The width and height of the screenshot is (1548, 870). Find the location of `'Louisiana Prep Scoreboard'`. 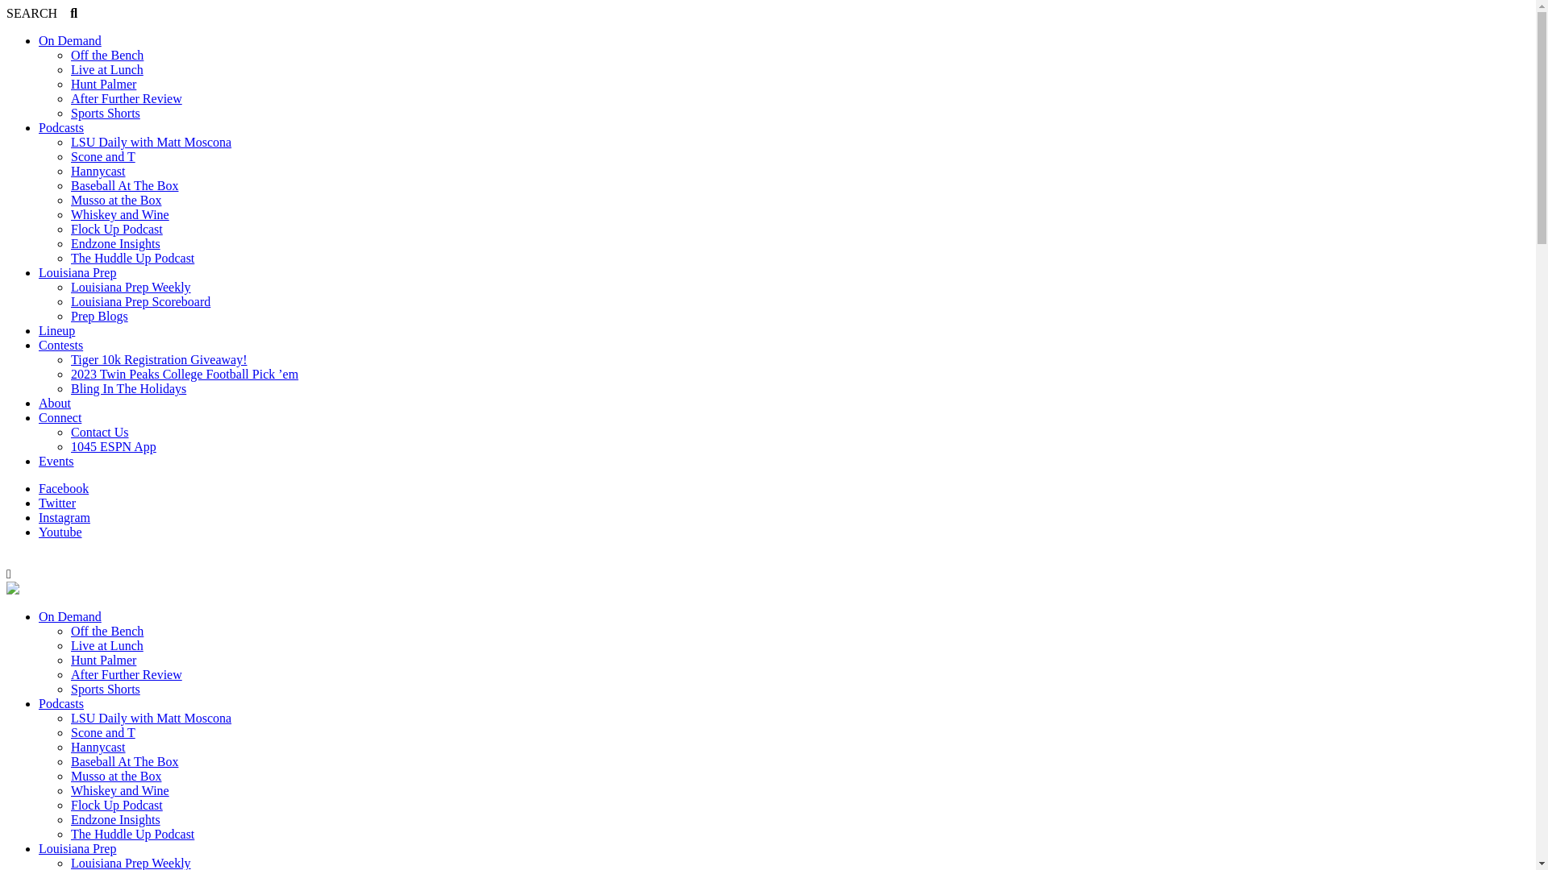

'Louisiana Prep Scoreboard' is located at coordinates (69, 301).